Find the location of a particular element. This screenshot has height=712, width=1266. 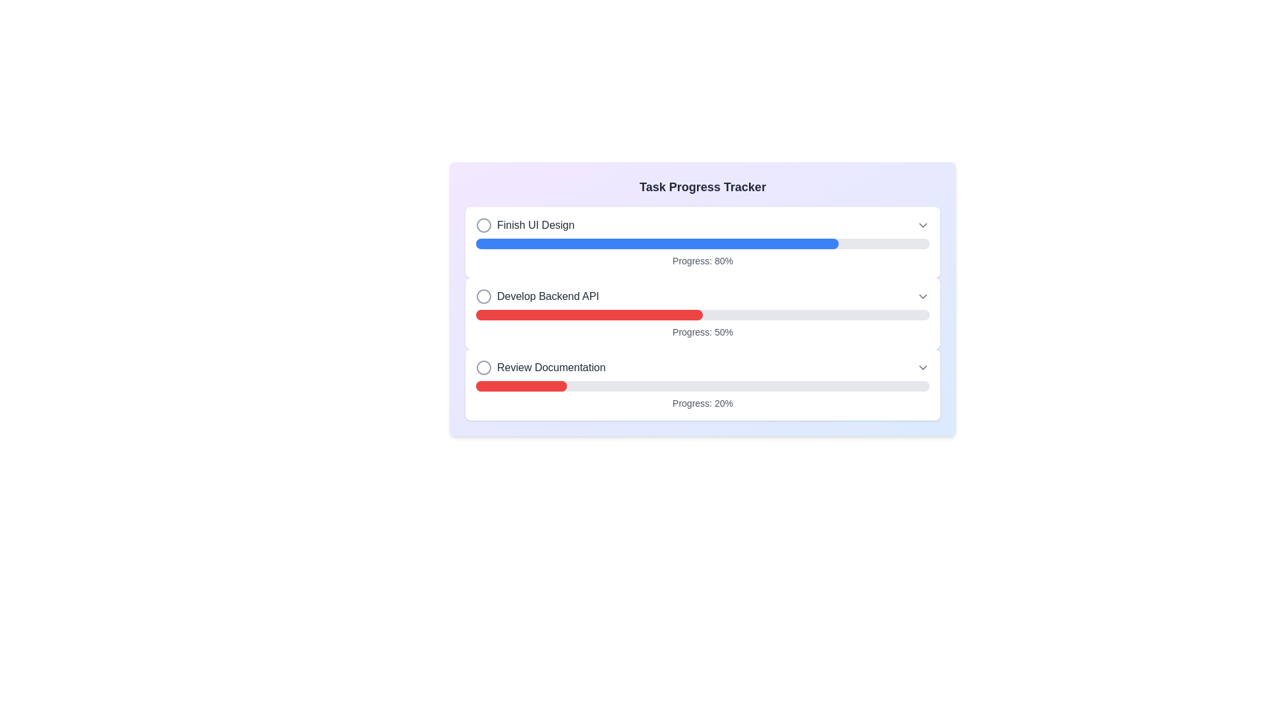

the circular outline element that is part of the 'Finish UI Design' task in the 'Task Progress Tracker' section is located at coordinates (483, 225).